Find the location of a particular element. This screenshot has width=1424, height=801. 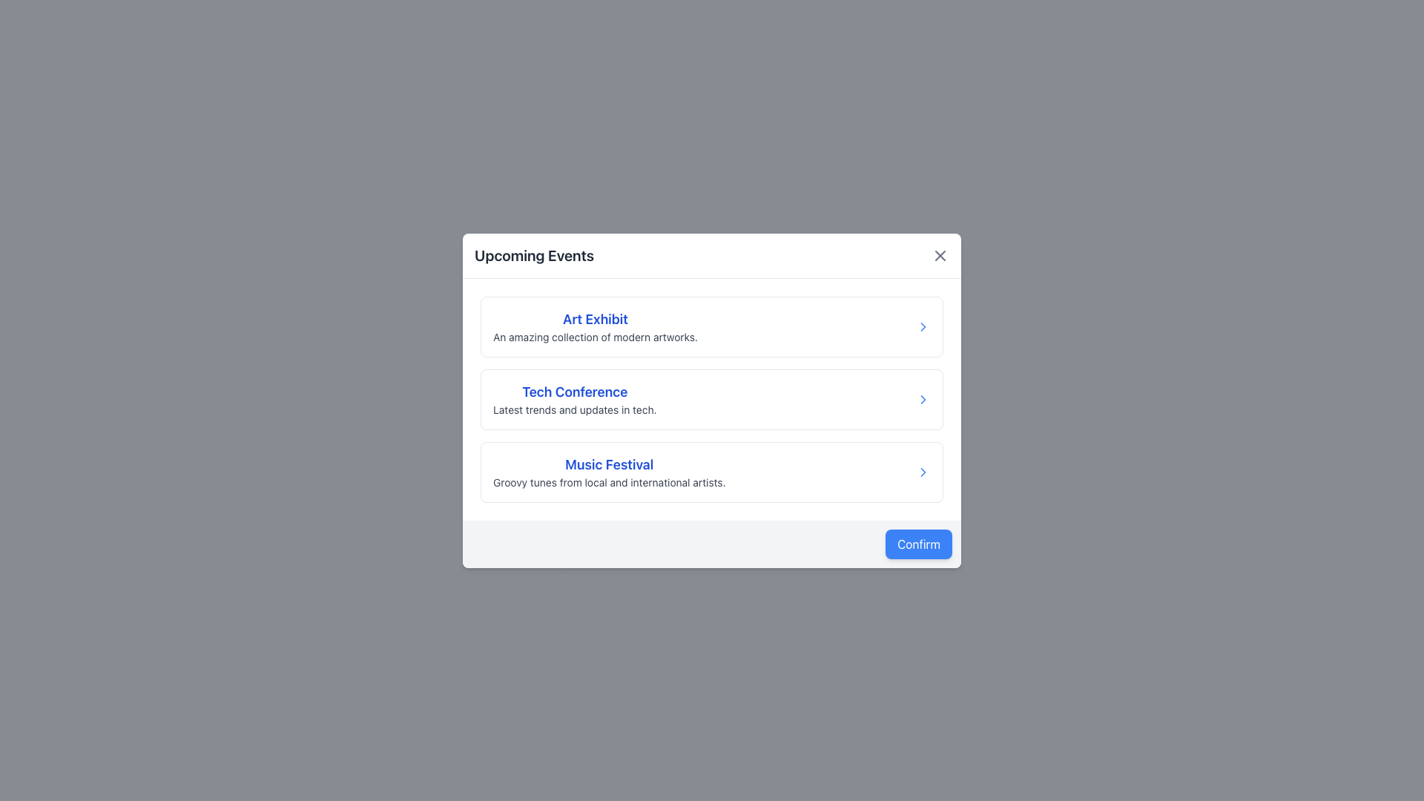

the details page of the 'Art Exhibit' text block located at the top of the upcoming events list in the modal dialog box is located at coordinates (594, 325).